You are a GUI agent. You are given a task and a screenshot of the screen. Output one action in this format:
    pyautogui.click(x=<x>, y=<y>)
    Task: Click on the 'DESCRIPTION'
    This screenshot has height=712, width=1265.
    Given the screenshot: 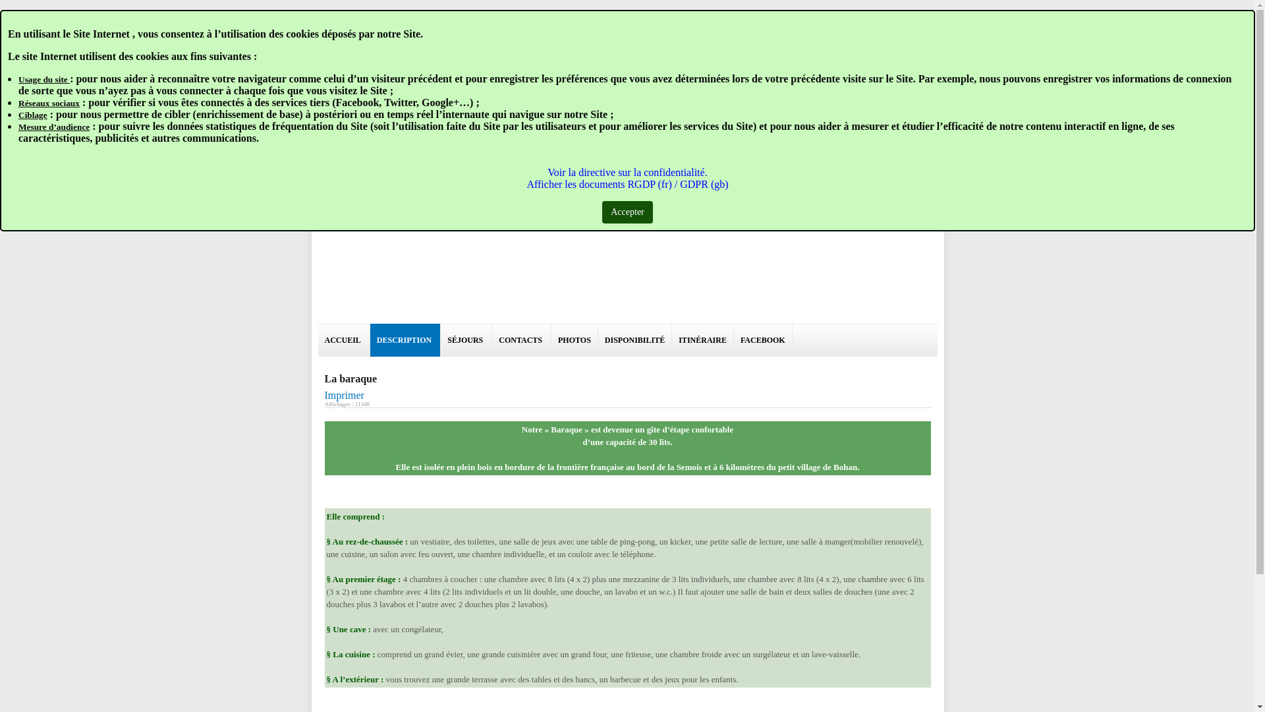 What is the action you would take?
    pyautogui.click(x=405, y=340)
    